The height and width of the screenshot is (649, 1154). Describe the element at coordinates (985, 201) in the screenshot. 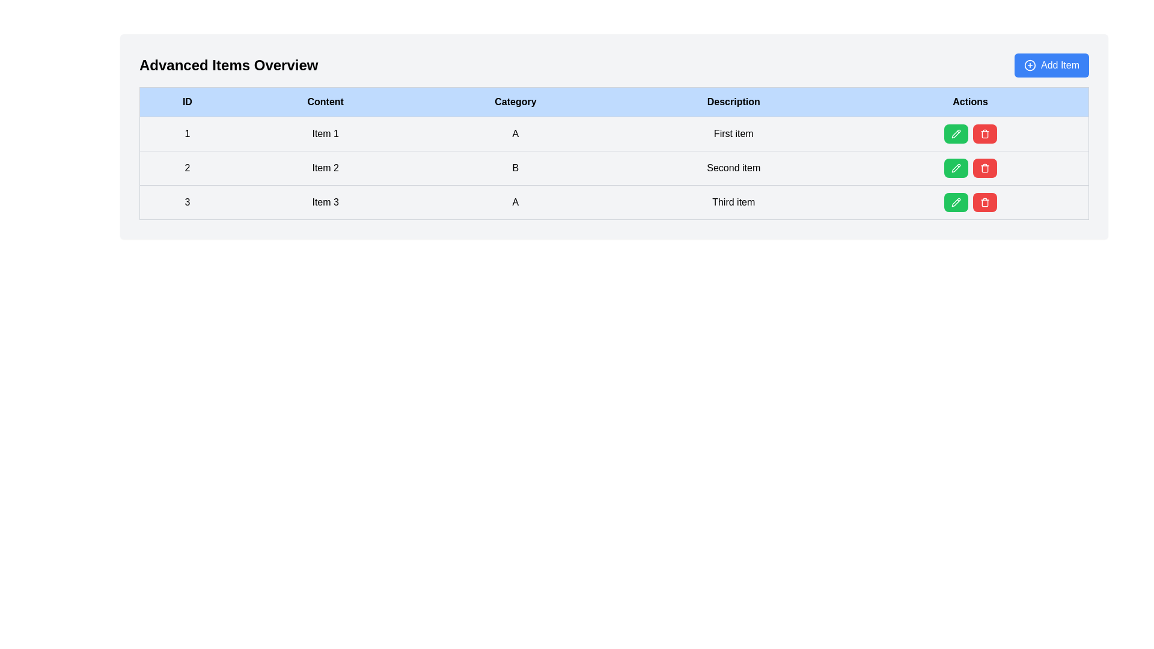

I see `the minimalistic trash icon located in the last cell of the 'Actions' column for the third item in the table to invoke a delete action` at that location.